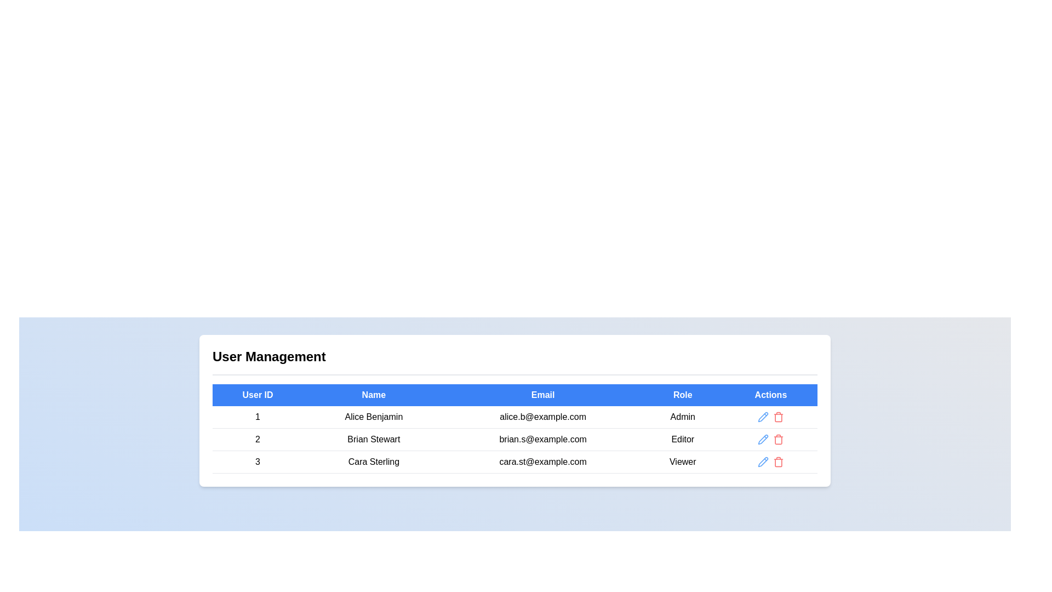  I want to click on the blue pencil icon button in the Actions column of the user management table for the user 'Brian Stewart' to potentially see a tooltip, so click(762, 439).